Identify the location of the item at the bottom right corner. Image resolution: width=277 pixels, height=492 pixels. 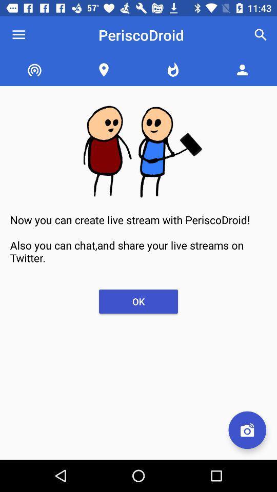
(247, 430).